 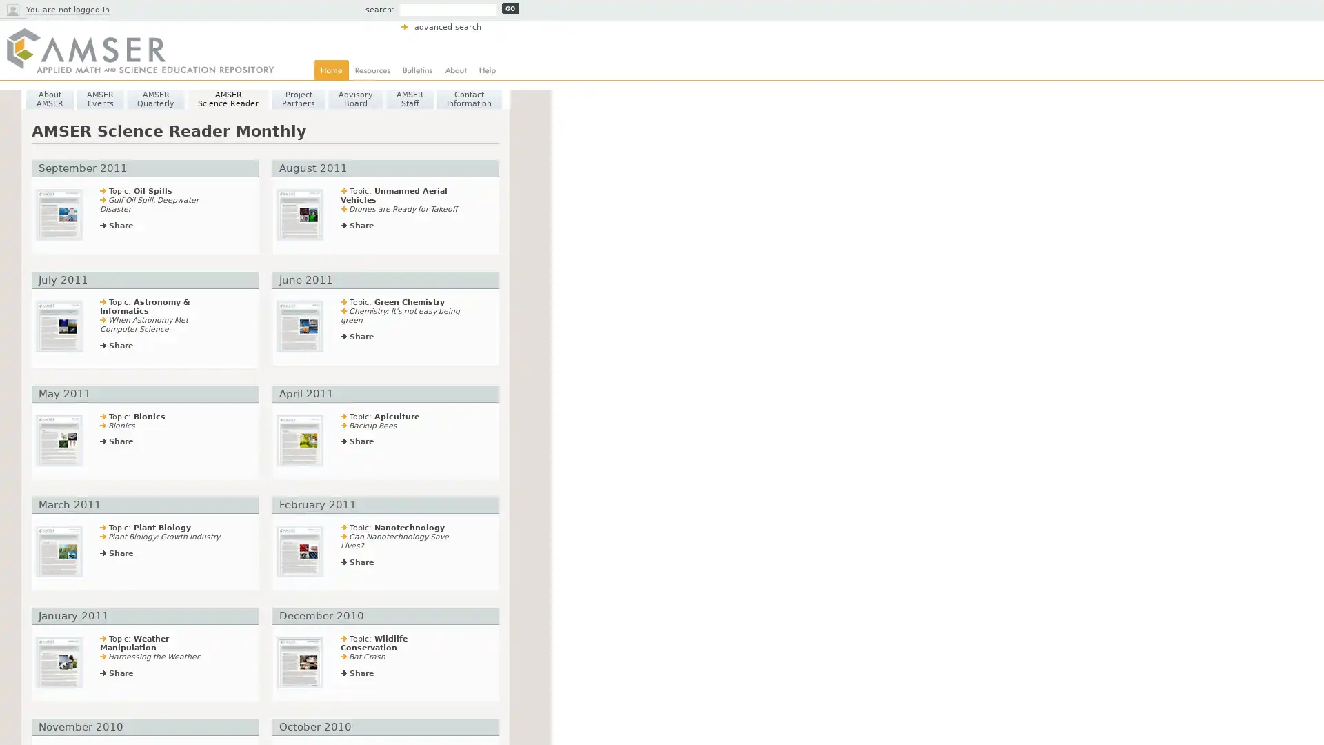 I want to click on Submit, so click(x=510, y=8).